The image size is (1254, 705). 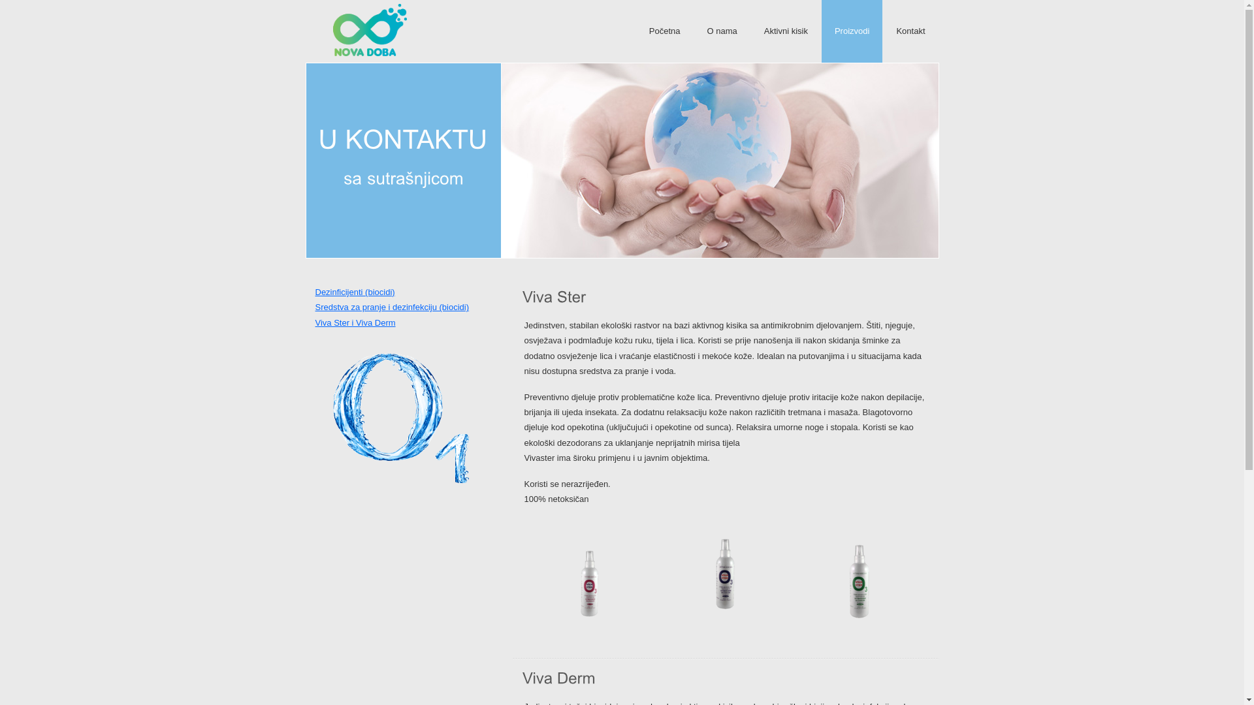 What do you see at coordinates (909, 30) in the screenshot?
I see `'Kontakt'` at bounding box center [909, 30].